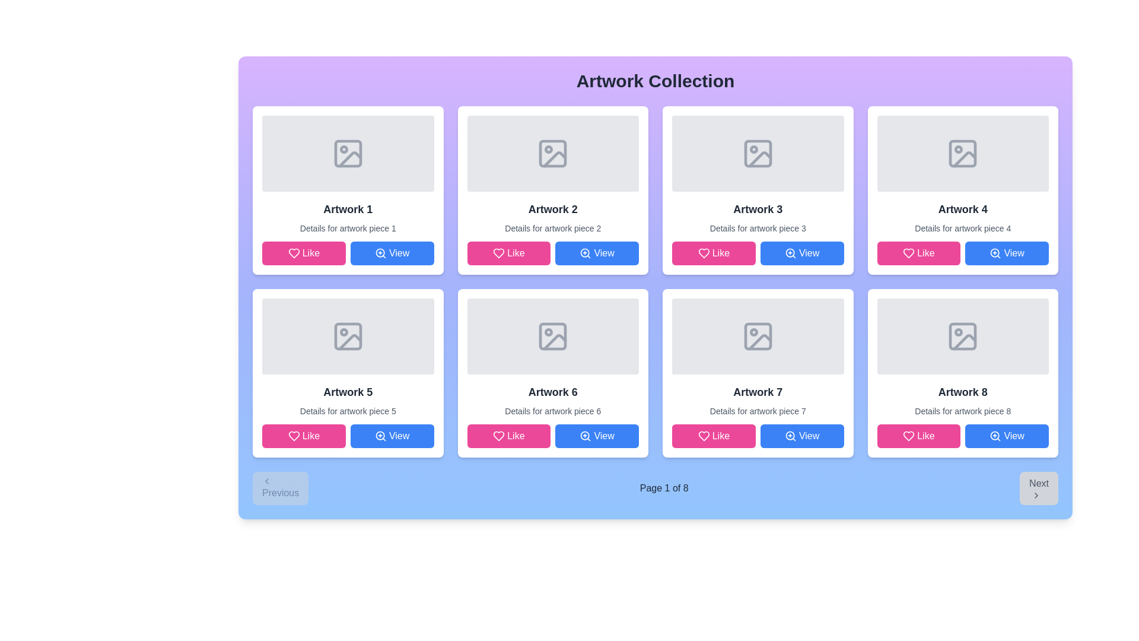 The image size is (1139, 641). Describe the element at coordinates (654, 81) in the screenshot. I see `the title or heading text element located centrally at the top of the interface, which serves as the visual identifier for the page content` at that location.